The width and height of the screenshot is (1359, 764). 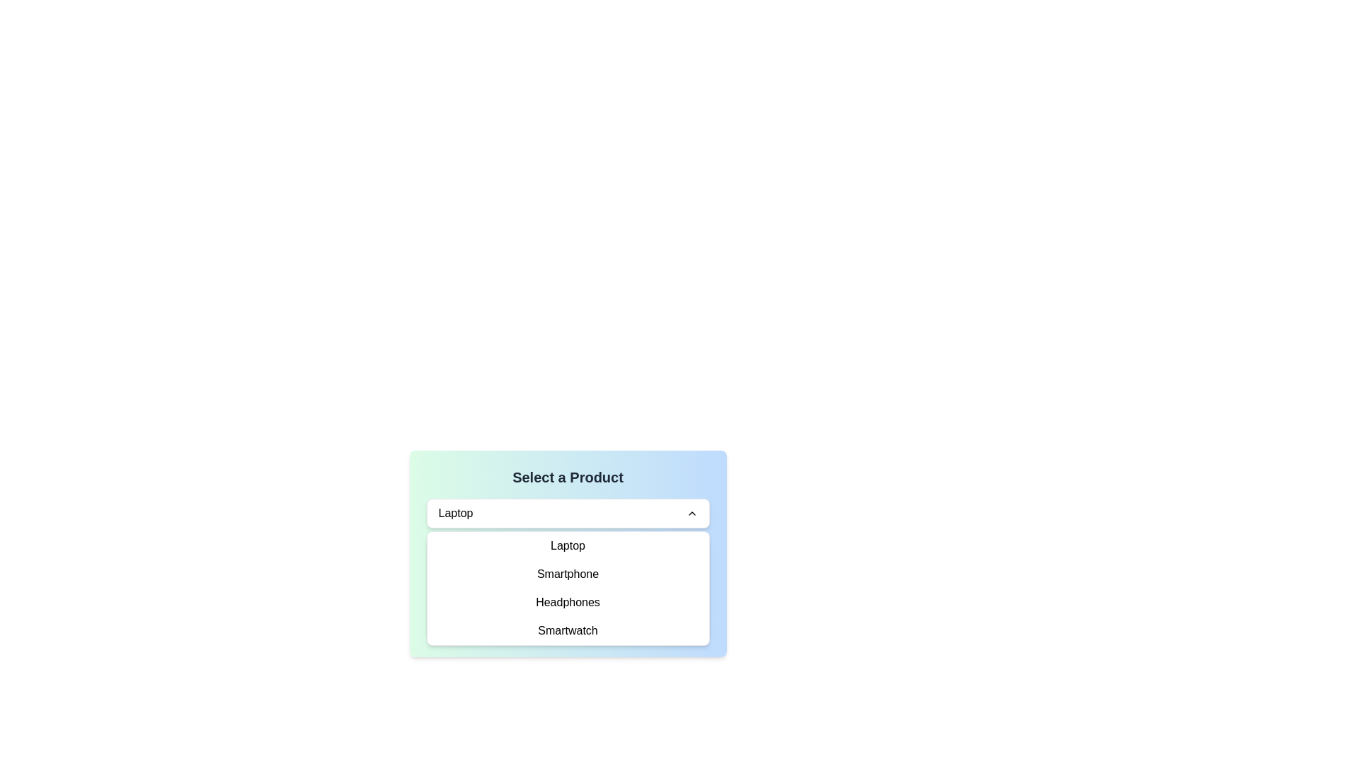 I want to click on the 'Smartphone' dropdown menu item, which is the second item in the dropdown list below 'Select a Product' and above 'Headphones', so click(x=568, y=574).